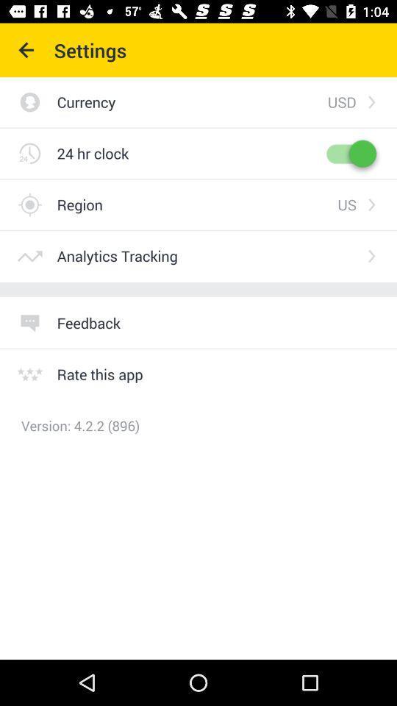 The width and height of the screenshot is (397, 706). What do you see at coordinates (347, 204) in the screenshot?
I see `the us` at bounding box center [347, 204].